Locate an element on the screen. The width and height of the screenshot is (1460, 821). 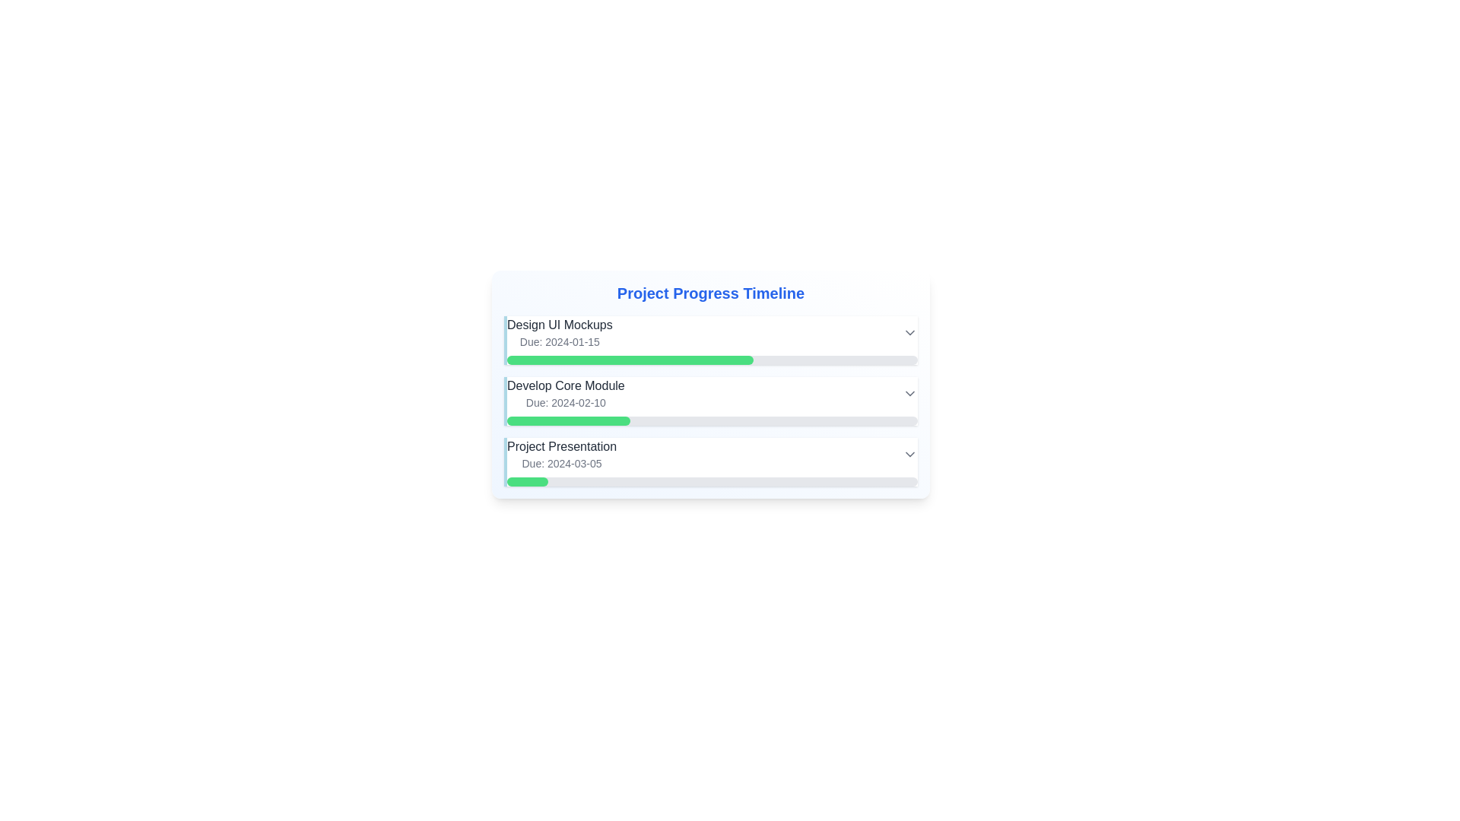
the dropdown indicator icon located at the top-right corner of the 'Design UI Mockups' section is located at coordinates (909, 332).